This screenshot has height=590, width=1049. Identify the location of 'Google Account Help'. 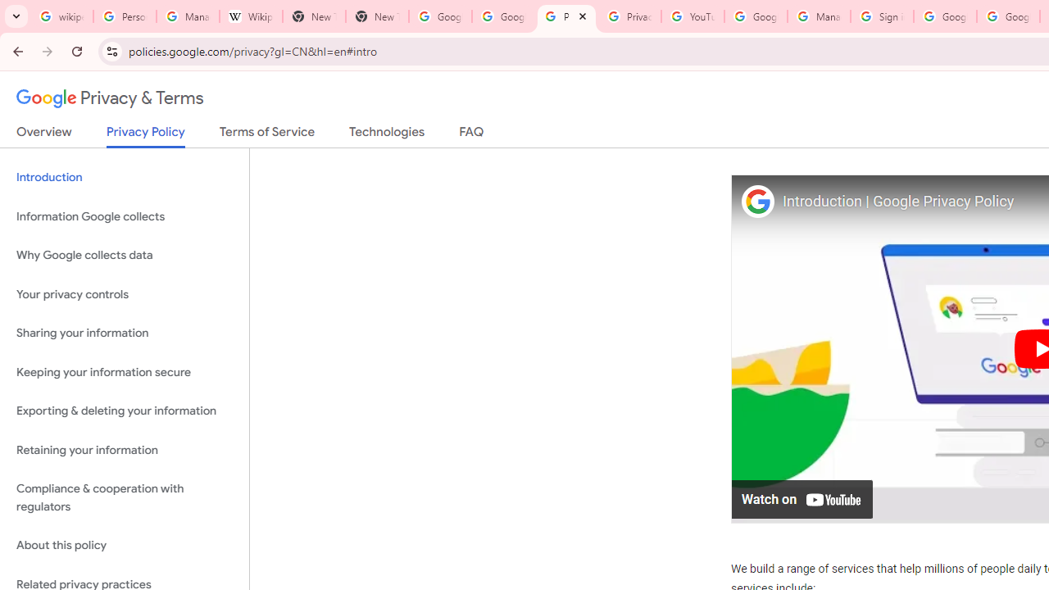
(755, 16).